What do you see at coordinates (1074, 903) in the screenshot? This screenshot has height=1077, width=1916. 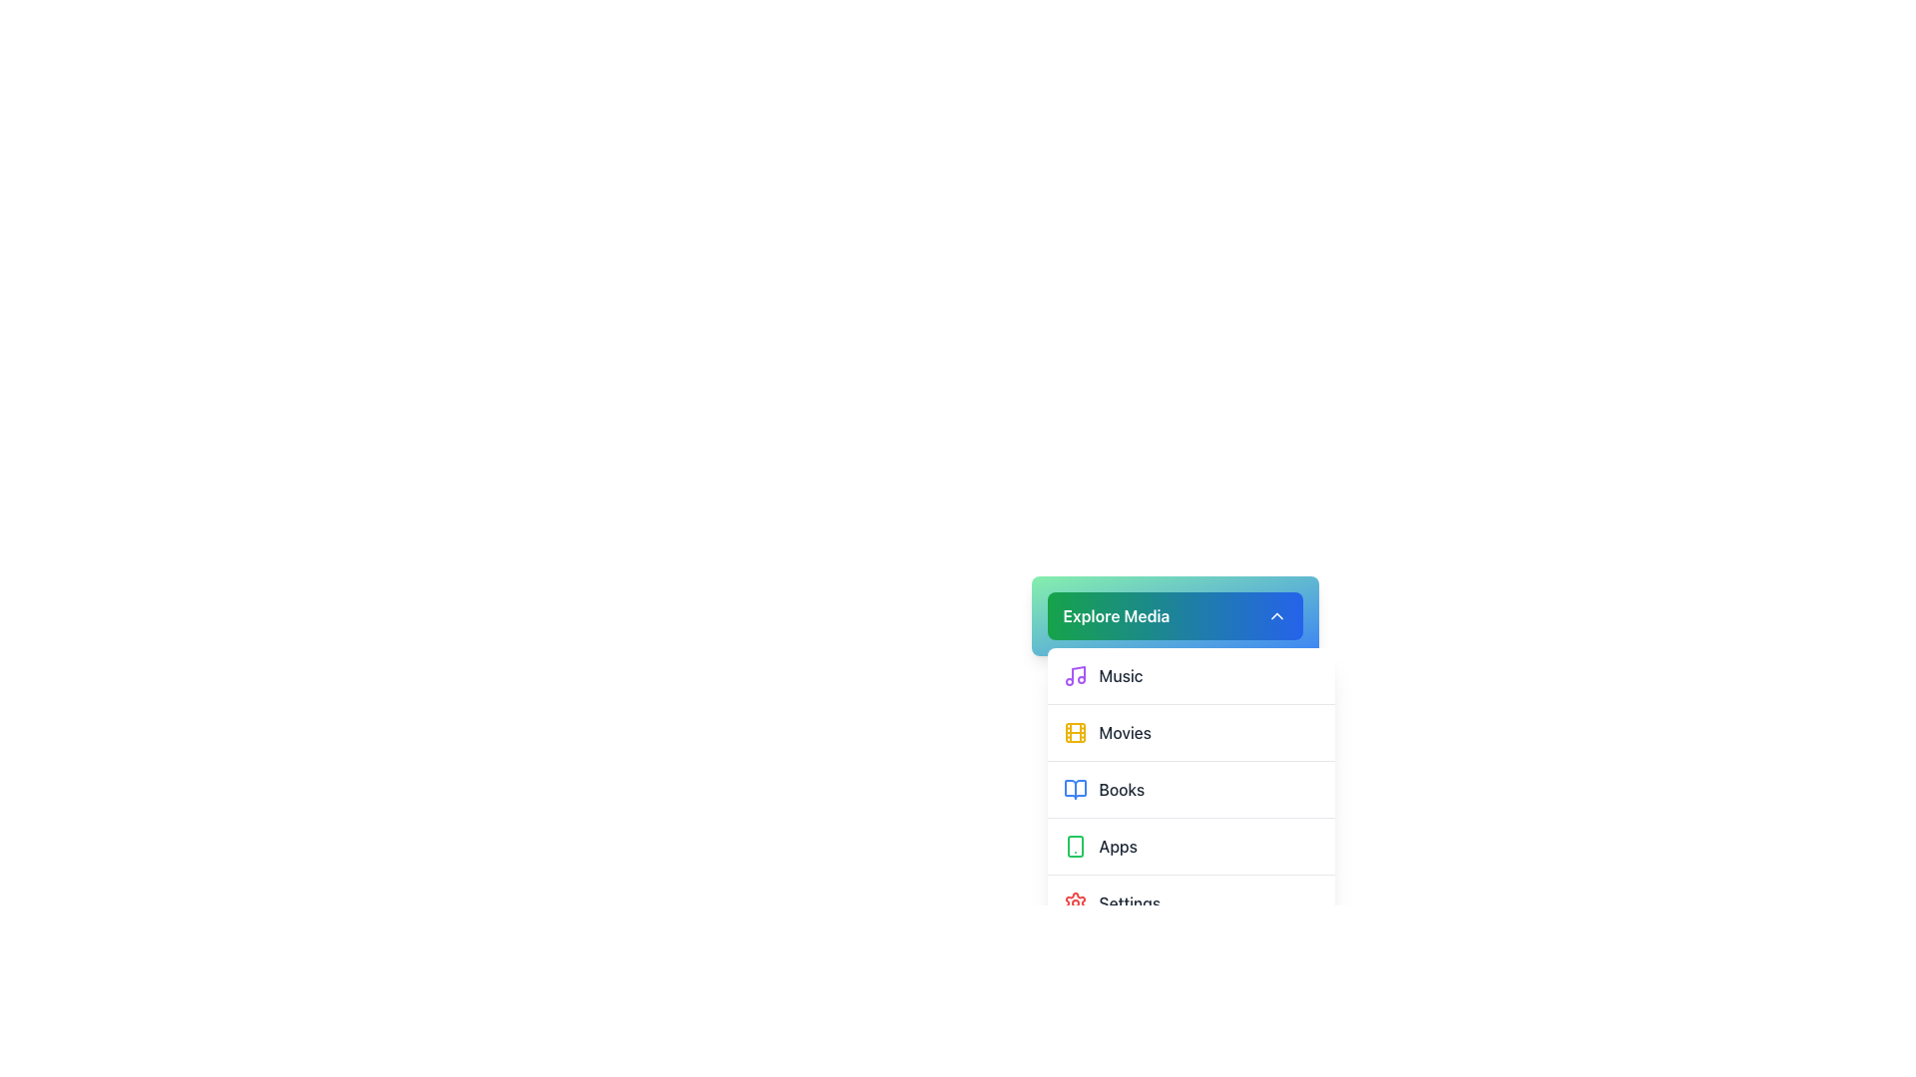 I see `the 'Settings' icon located at the bottom of the dropdown, positioned to the left of the text label 'Settings'` at bounding box center [1074, 903].